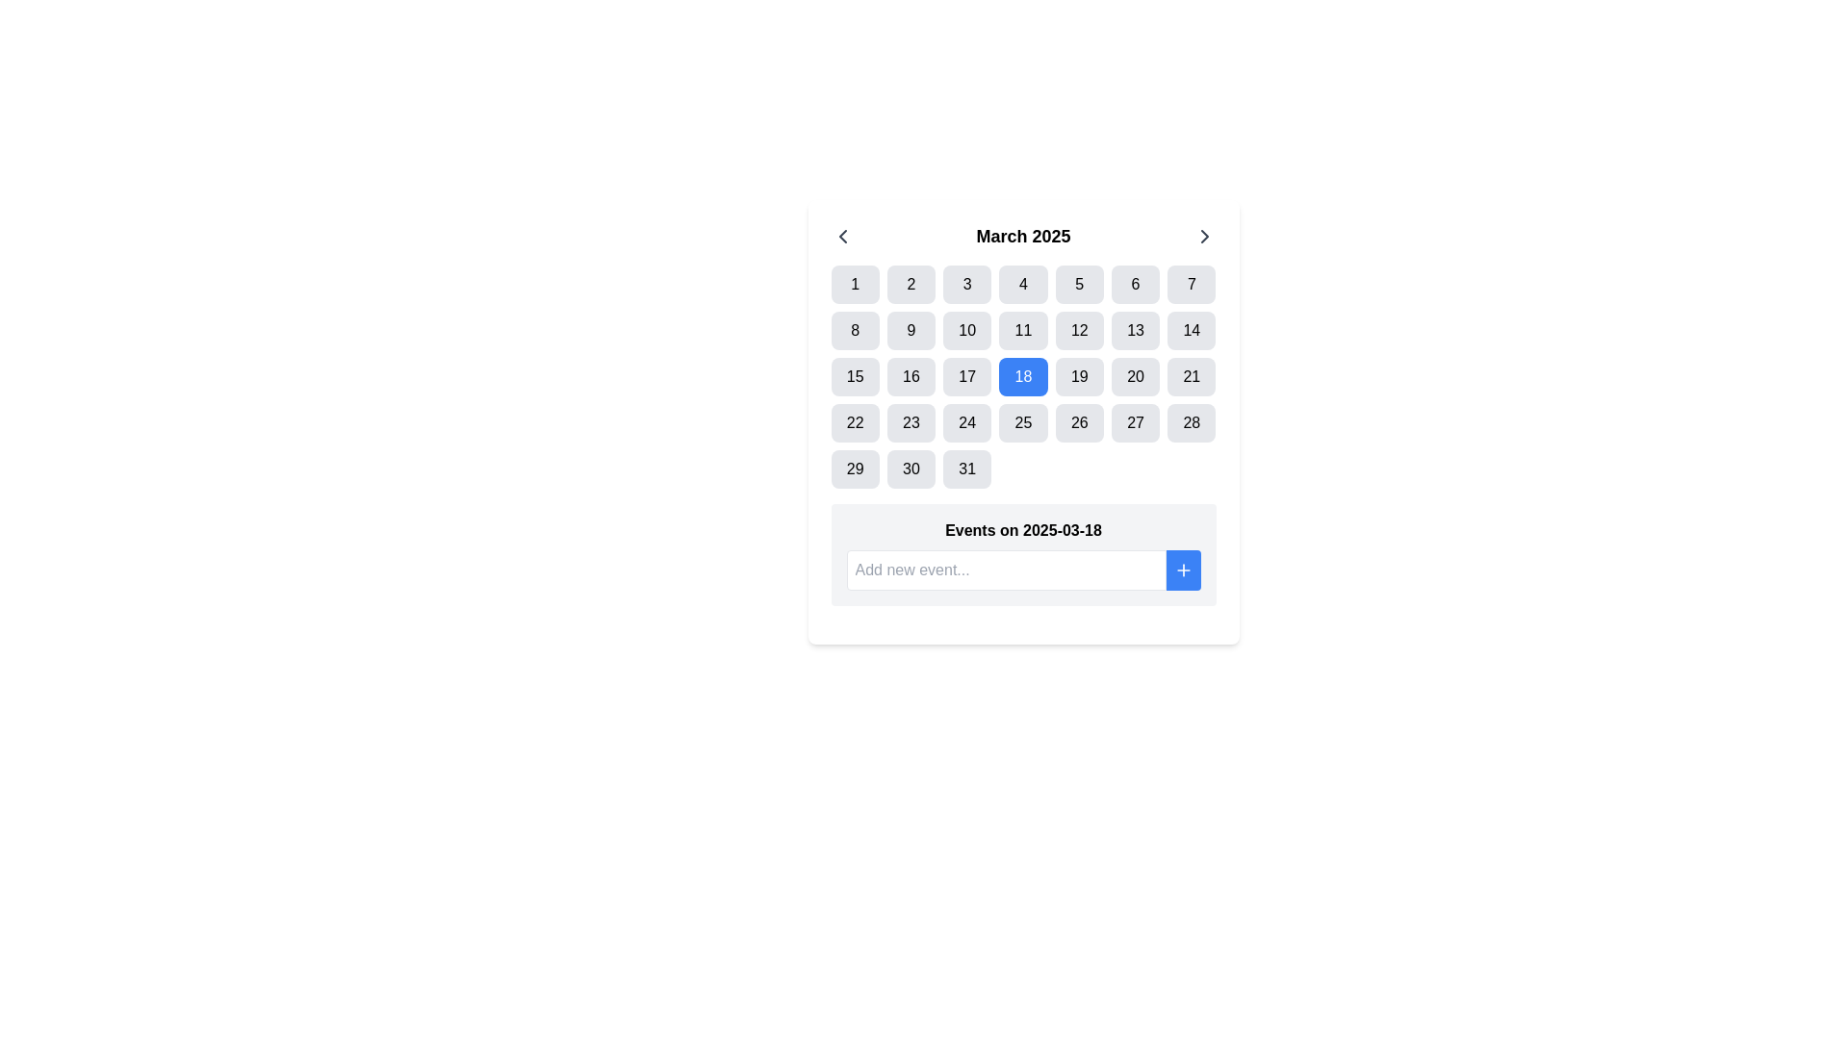 The width and height of the screenshot is (1848, 1039). I want to click on the small right-facing chevron icon, which is styled with a thin stroke in gray color and is positioned at the top-right corner of the interface, next to the 'March 2025' header, so click(1203, 236).